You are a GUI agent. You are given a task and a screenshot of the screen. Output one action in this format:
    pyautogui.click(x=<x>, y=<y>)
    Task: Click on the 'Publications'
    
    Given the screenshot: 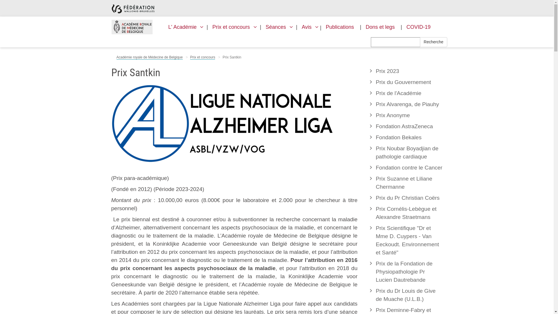 What is the action you would take?
    pyautogui.click(x=340, y=27)
    